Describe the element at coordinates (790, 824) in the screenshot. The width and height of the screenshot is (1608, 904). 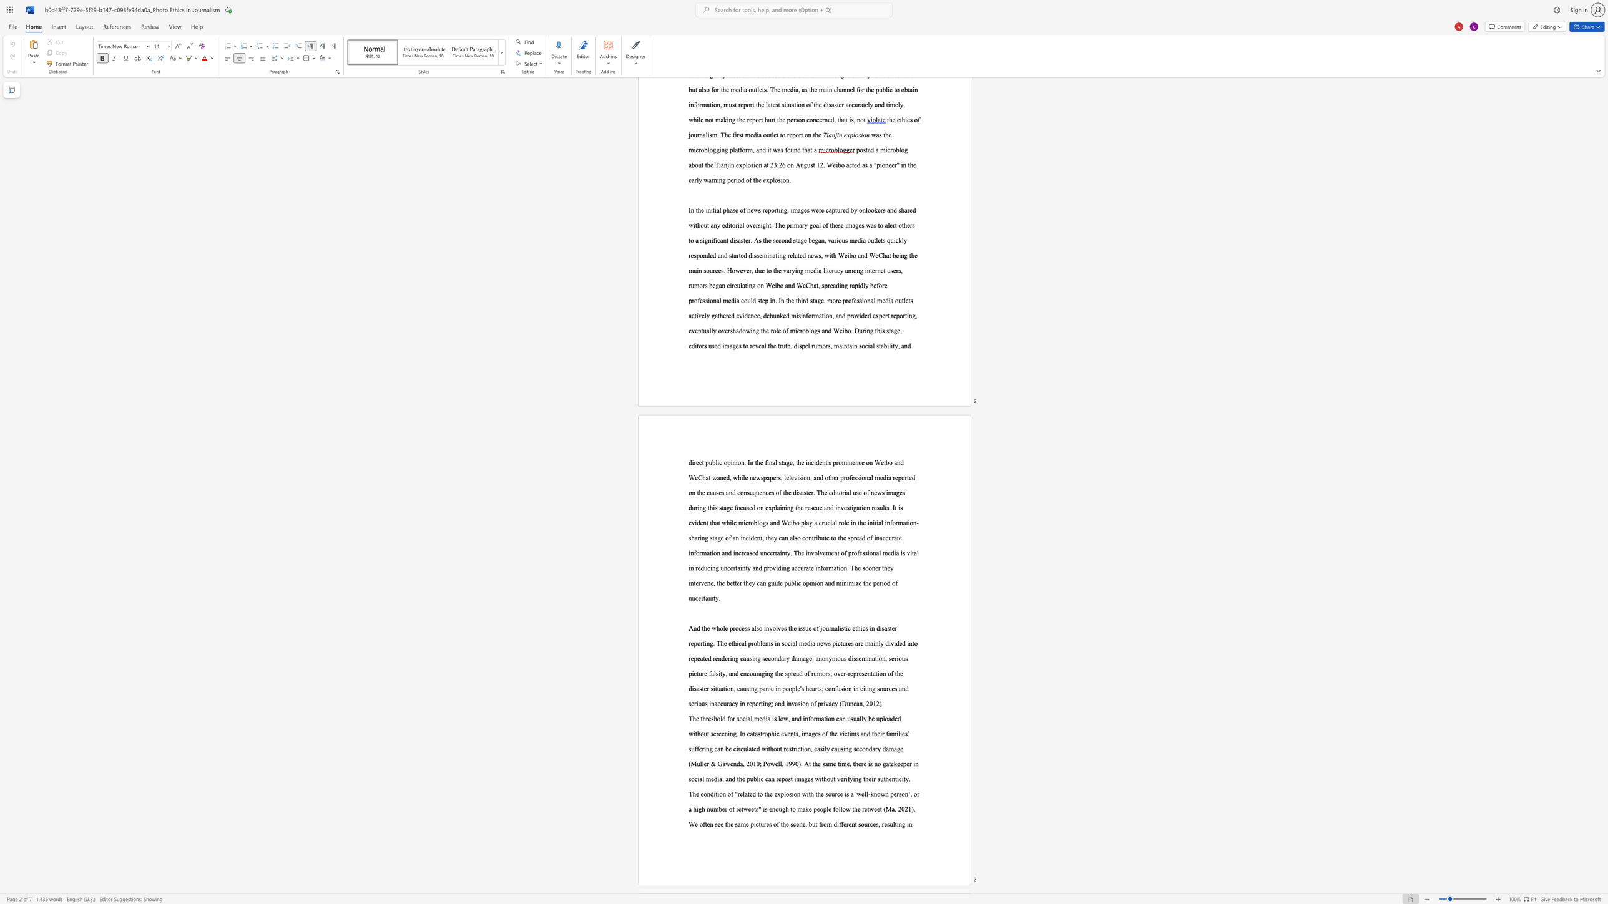
I see `the subset text "sce" within the text "or a high number of retweets"` at that location.